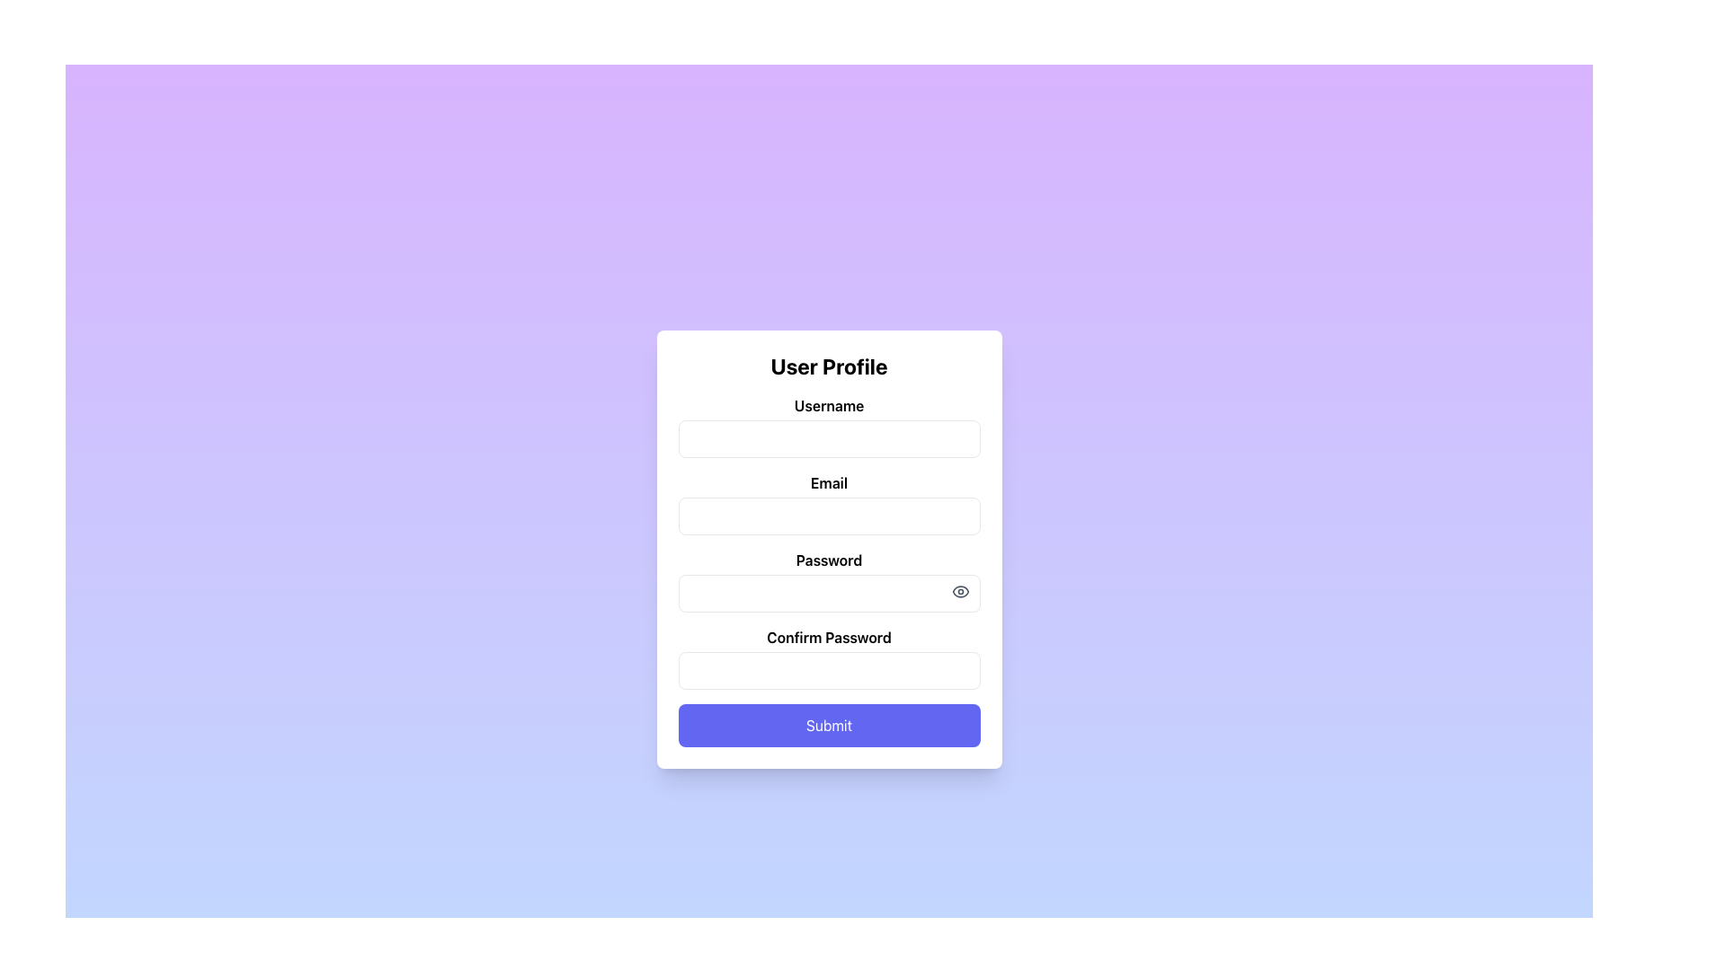  I want to click on the username label in the User Profile form, which is located at the top of the form and spans the width of the associated input field, so click(828, 405).